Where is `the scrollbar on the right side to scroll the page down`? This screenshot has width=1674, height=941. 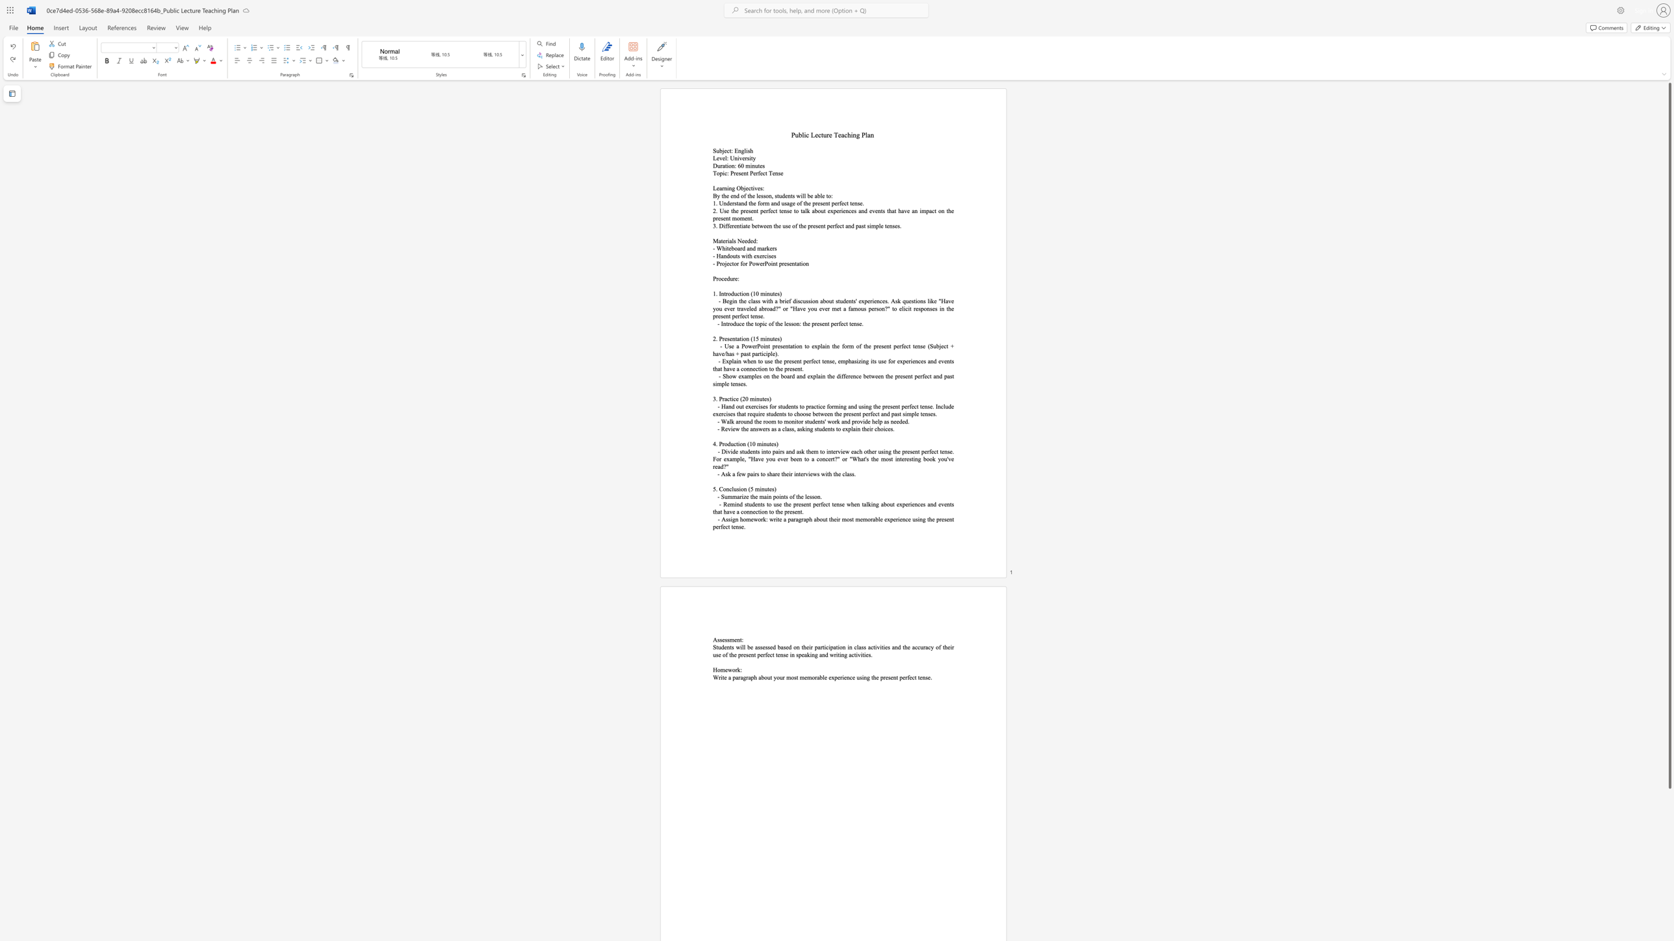 the scrollbar on the right side to scroll the page down is located at coordinates (1669, 814).